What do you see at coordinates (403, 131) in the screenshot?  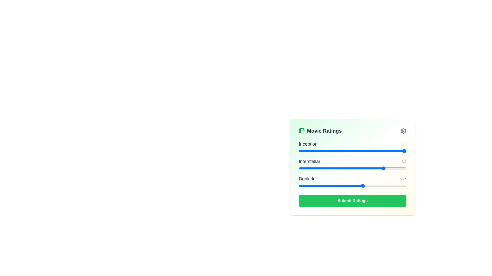 I see `the gear icon located to the far right of the 'Movie Ratings' header` at bounding box center [403, 131].